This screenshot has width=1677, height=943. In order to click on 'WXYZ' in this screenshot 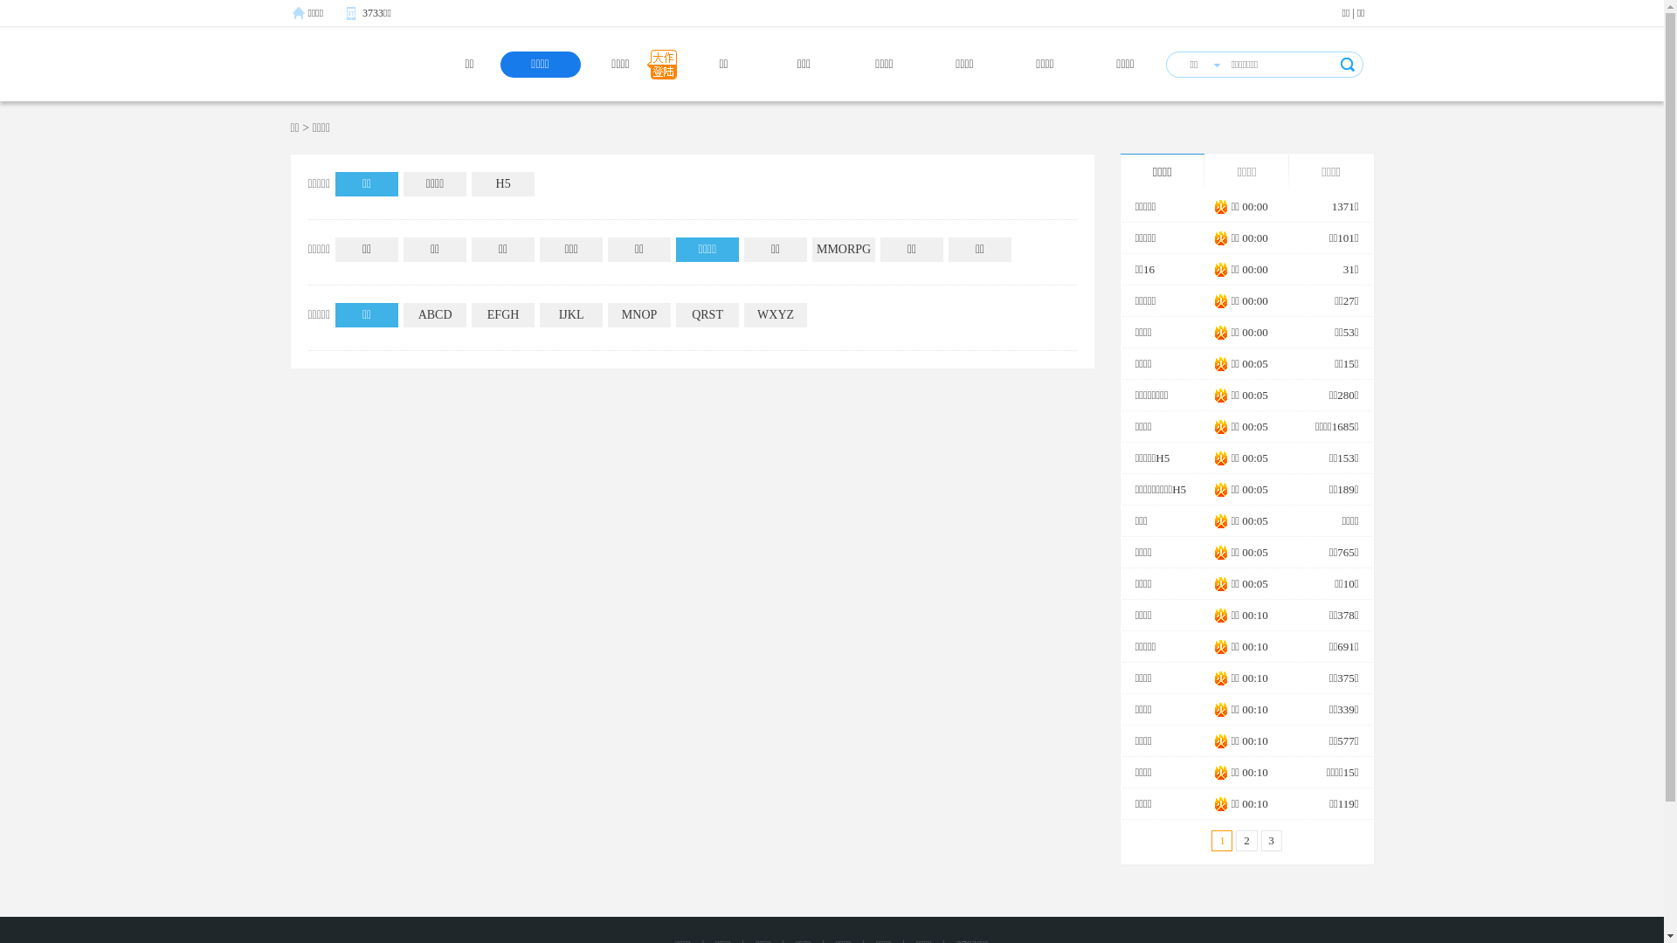, I will do `click(775, 315)`.